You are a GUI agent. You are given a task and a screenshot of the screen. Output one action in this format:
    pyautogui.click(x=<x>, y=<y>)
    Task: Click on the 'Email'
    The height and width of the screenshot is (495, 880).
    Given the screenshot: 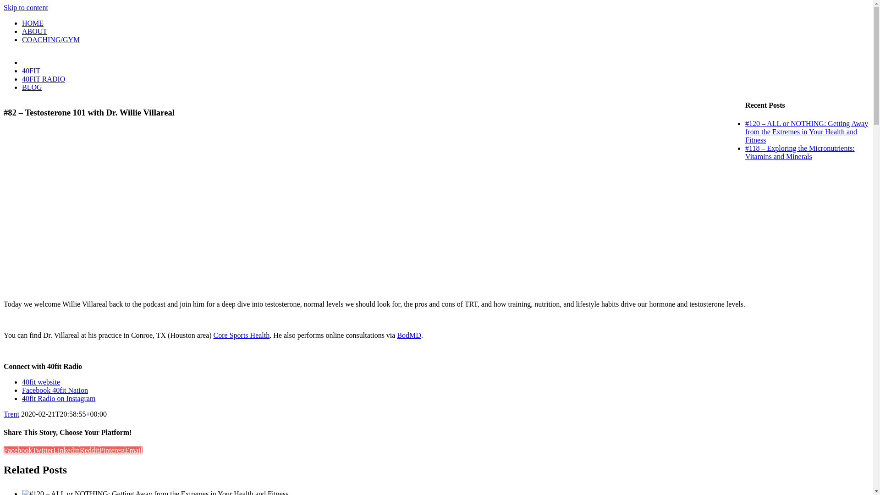 What is the action you would take?
    pyautogui.click(x=125, y=450)
    